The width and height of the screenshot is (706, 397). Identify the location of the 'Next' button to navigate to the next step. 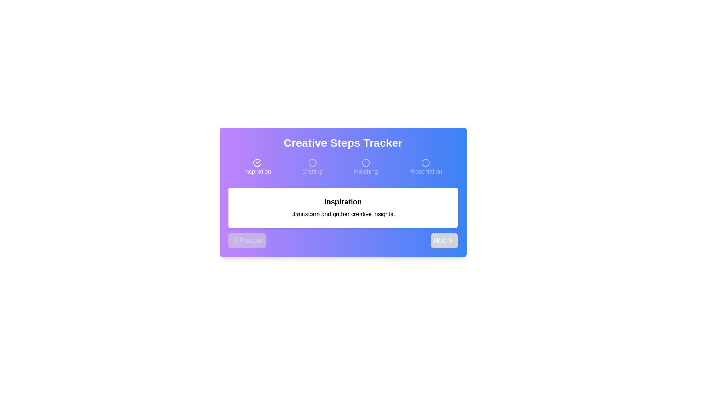
(444, 241).